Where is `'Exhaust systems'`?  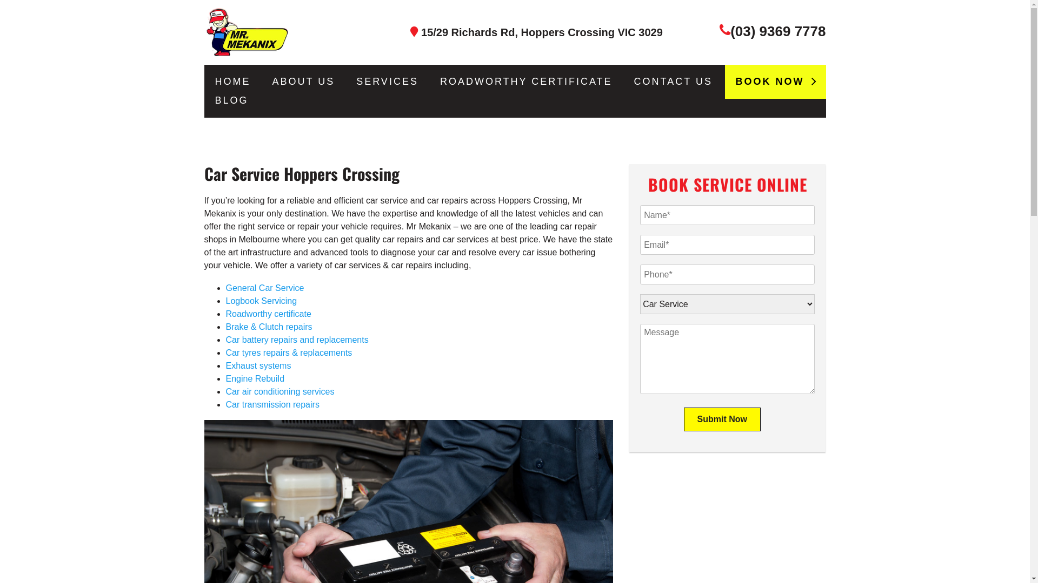
'Exhaust systems' is located at coordinates (258, 365).